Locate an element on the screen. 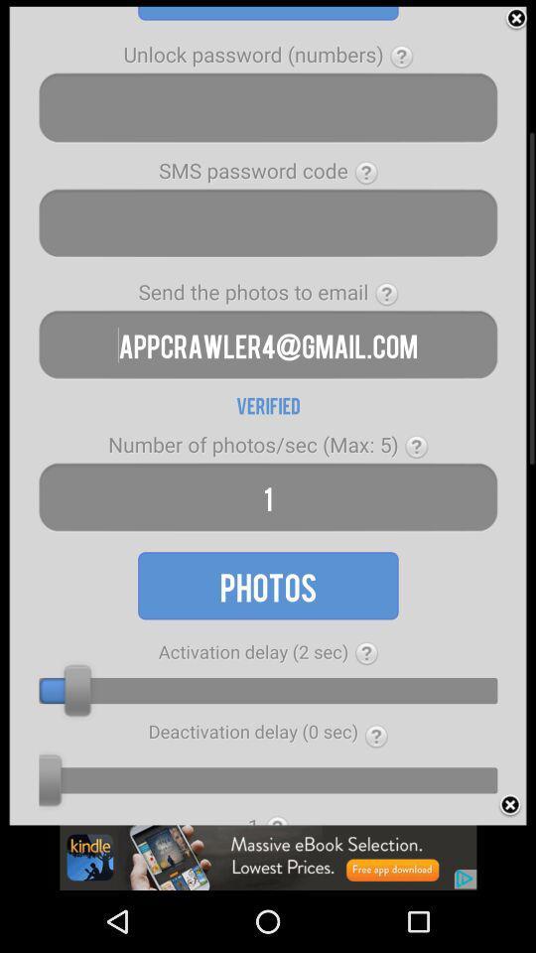  sms passcode is located at coordinates (268, 223).